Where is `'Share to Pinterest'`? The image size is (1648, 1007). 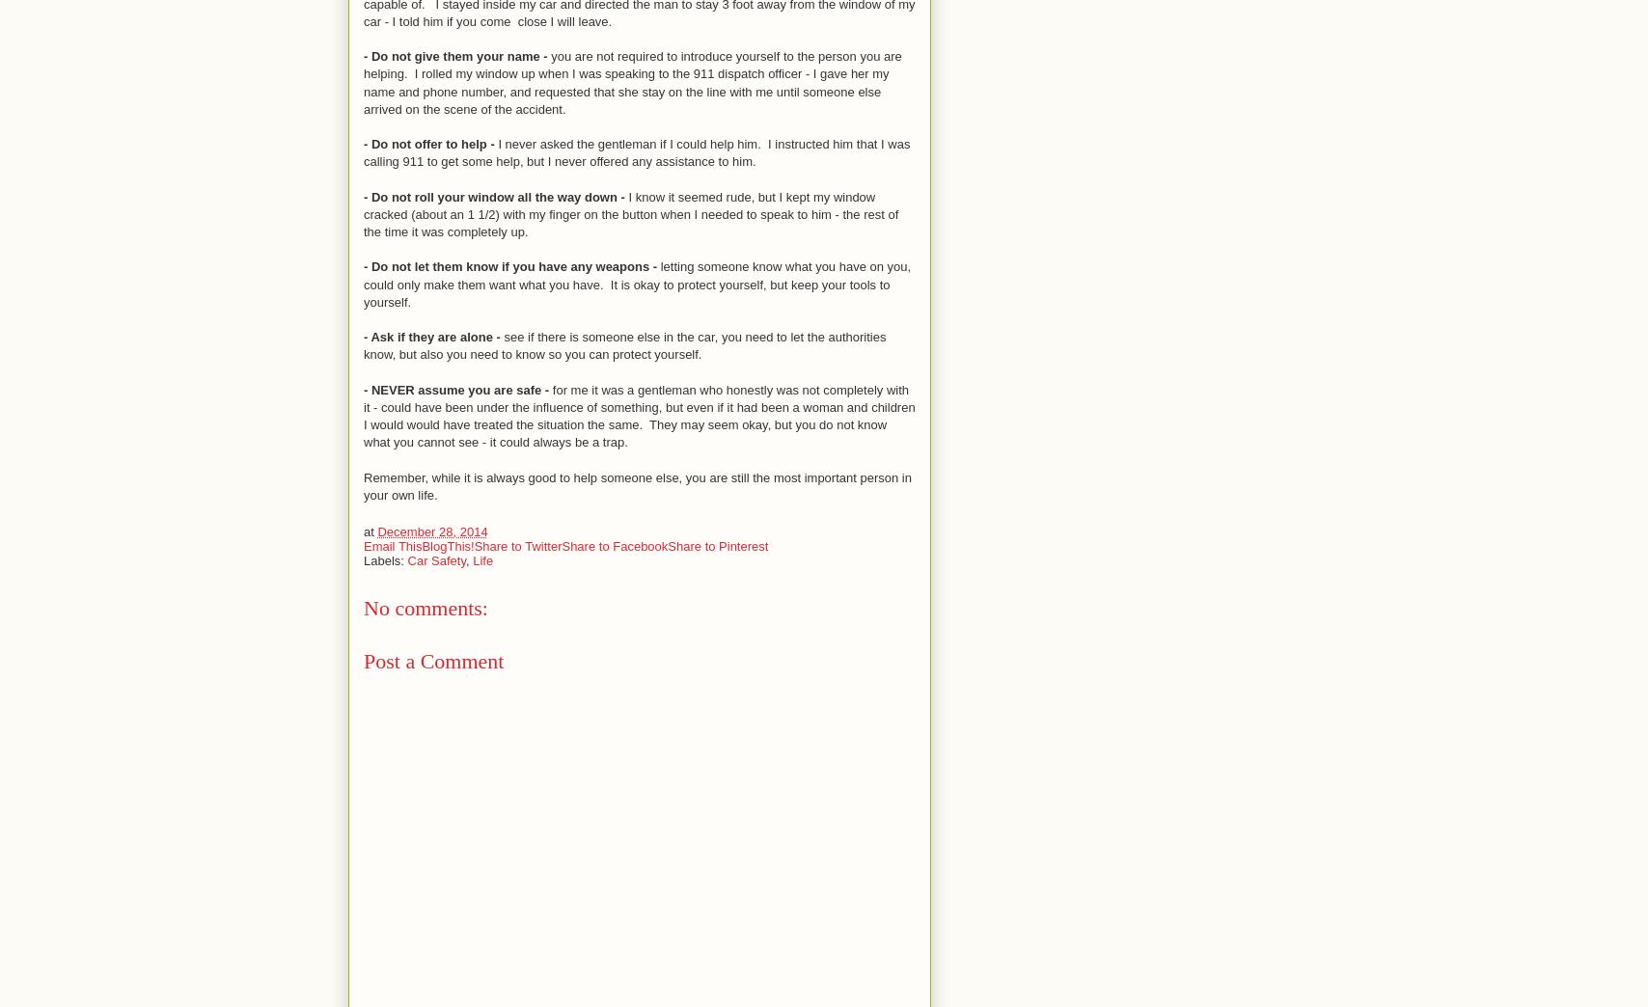
'Share to Pinterest' is located at coordinates (668, 544).